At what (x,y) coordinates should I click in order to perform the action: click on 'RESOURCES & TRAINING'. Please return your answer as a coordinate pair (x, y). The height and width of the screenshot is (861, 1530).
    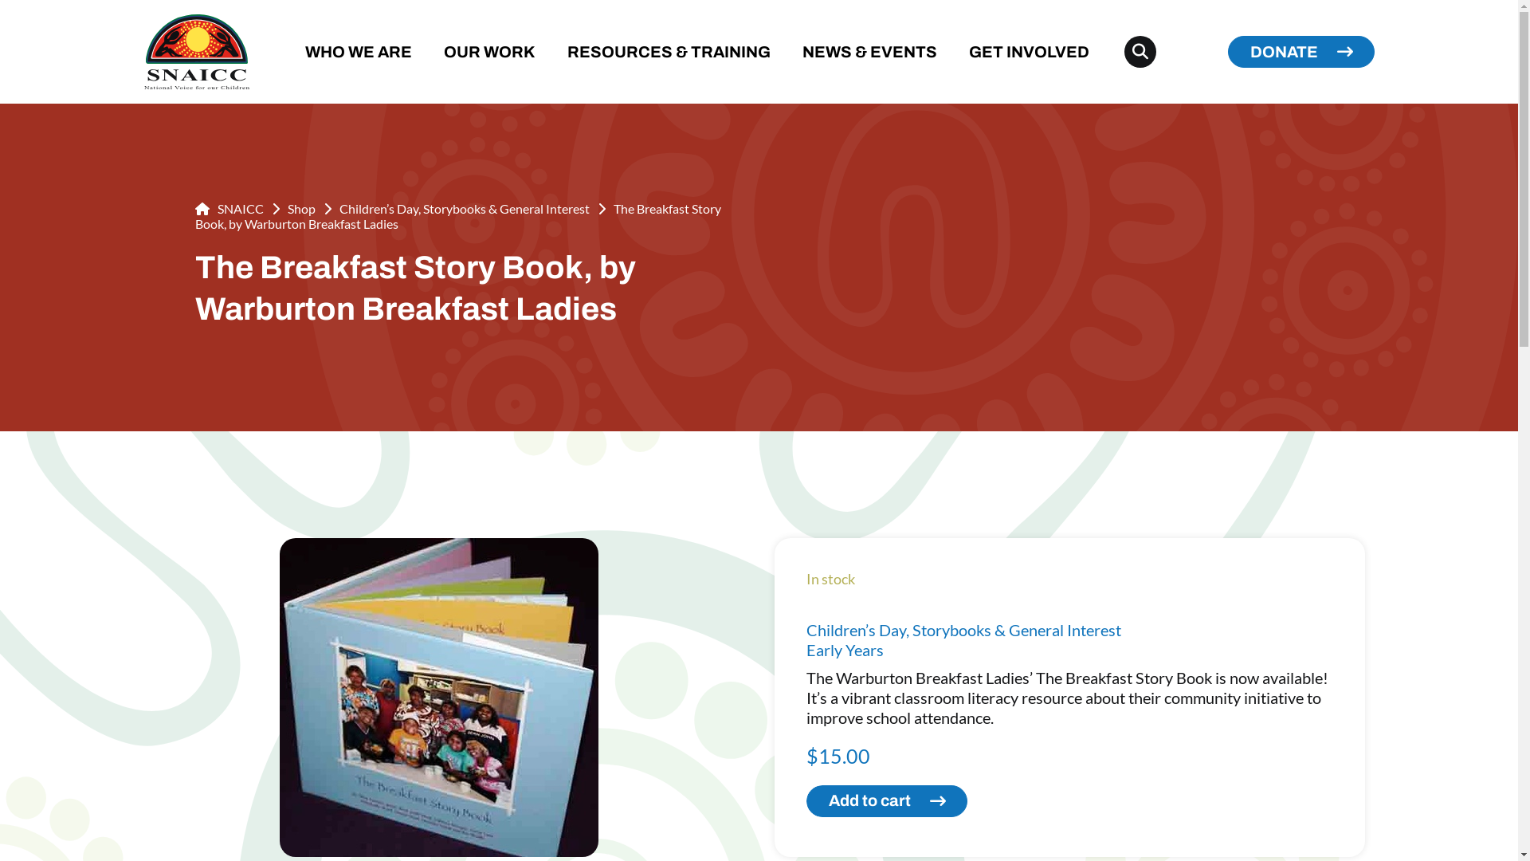
    Looking at the image, I should click on (669, 51).